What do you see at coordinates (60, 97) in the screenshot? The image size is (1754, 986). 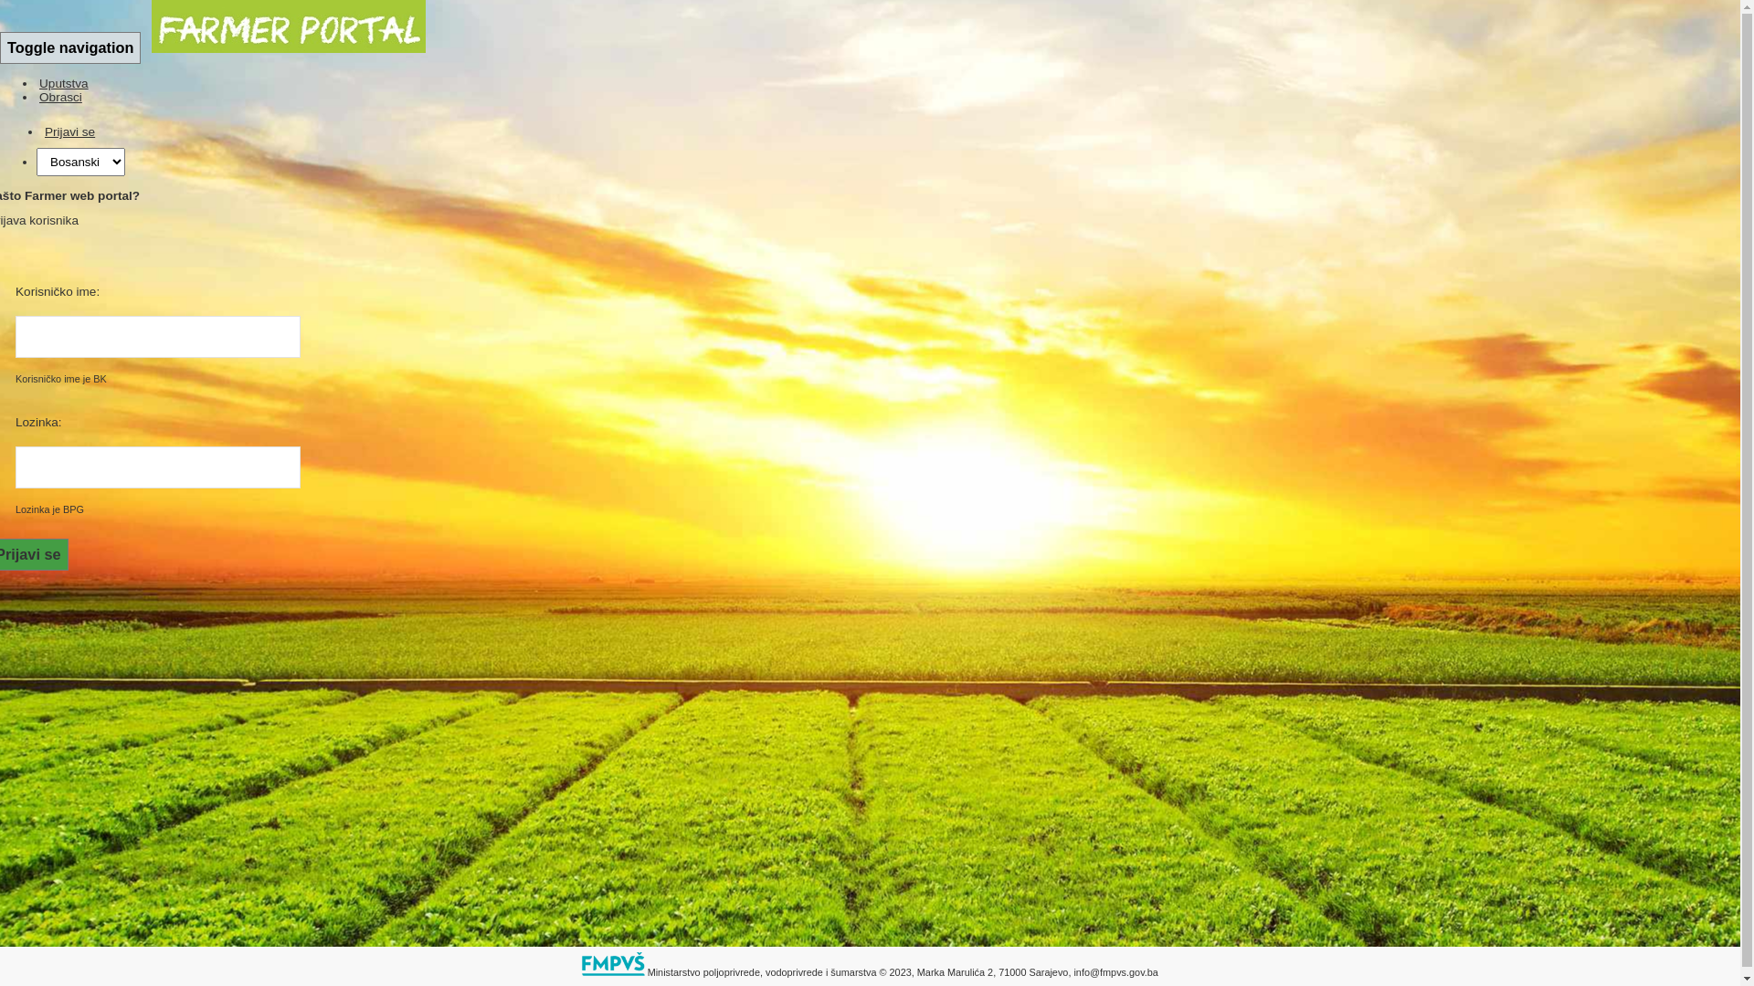 I see `'Obrasci'` at bounding box center [60, 97].